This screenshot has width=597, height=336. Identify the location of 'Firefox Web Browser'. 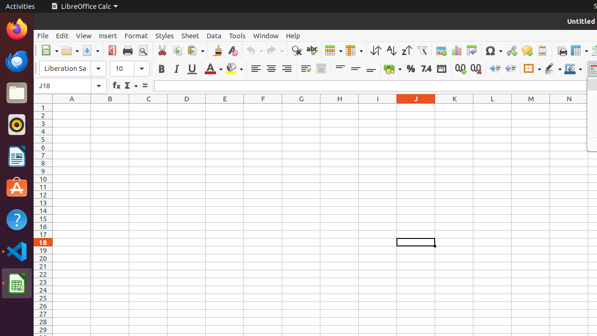
(16, 28).